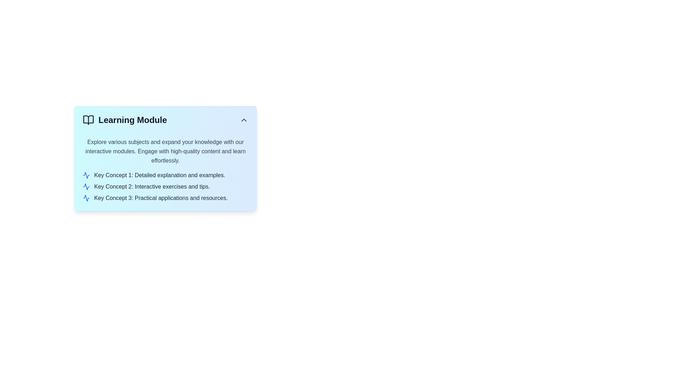  What do you see at coordinates (165, 151) in the screenshot?
I see `text content of the gray text block introducing the purpose and value of interactive educational modules, positioned under the 'Learning Module' title` at bounding box center [165, 151].